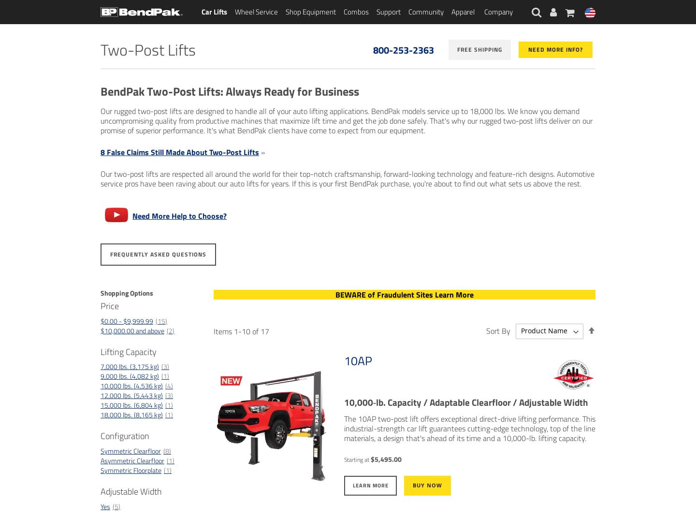 Image resolution: width=696 pixels, height=513 pixels. What do you see at coordinates (245, 330) in the screenshot?
I see `'10'` at bounding box center [245, 330].